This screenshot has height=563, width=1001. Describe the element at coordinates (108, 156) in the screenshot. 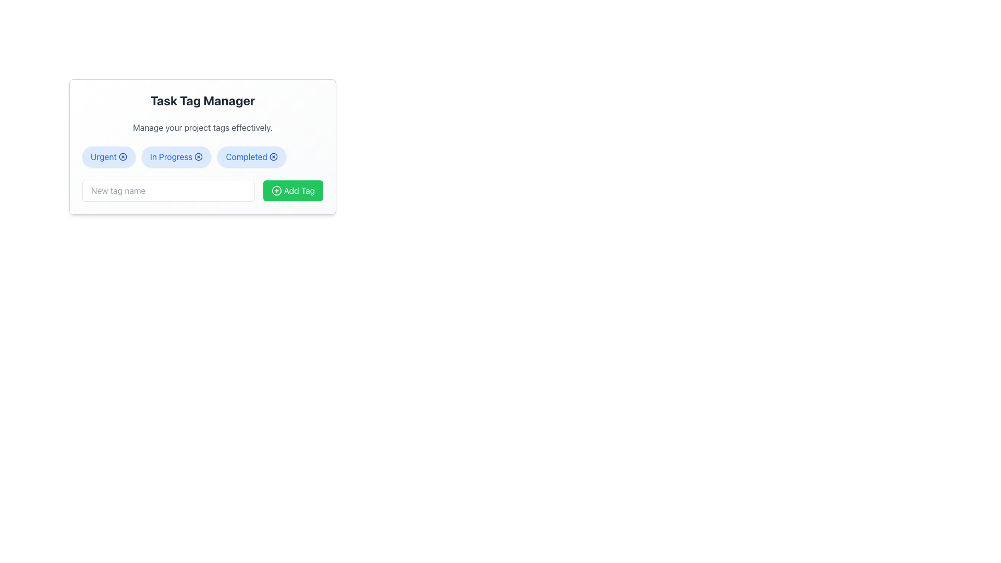

I see `the close icon on the 'Urgent' pill-shaped tag located in the 'Task Tag Manager' box, which is the first tag in the horizontal list` at that location.